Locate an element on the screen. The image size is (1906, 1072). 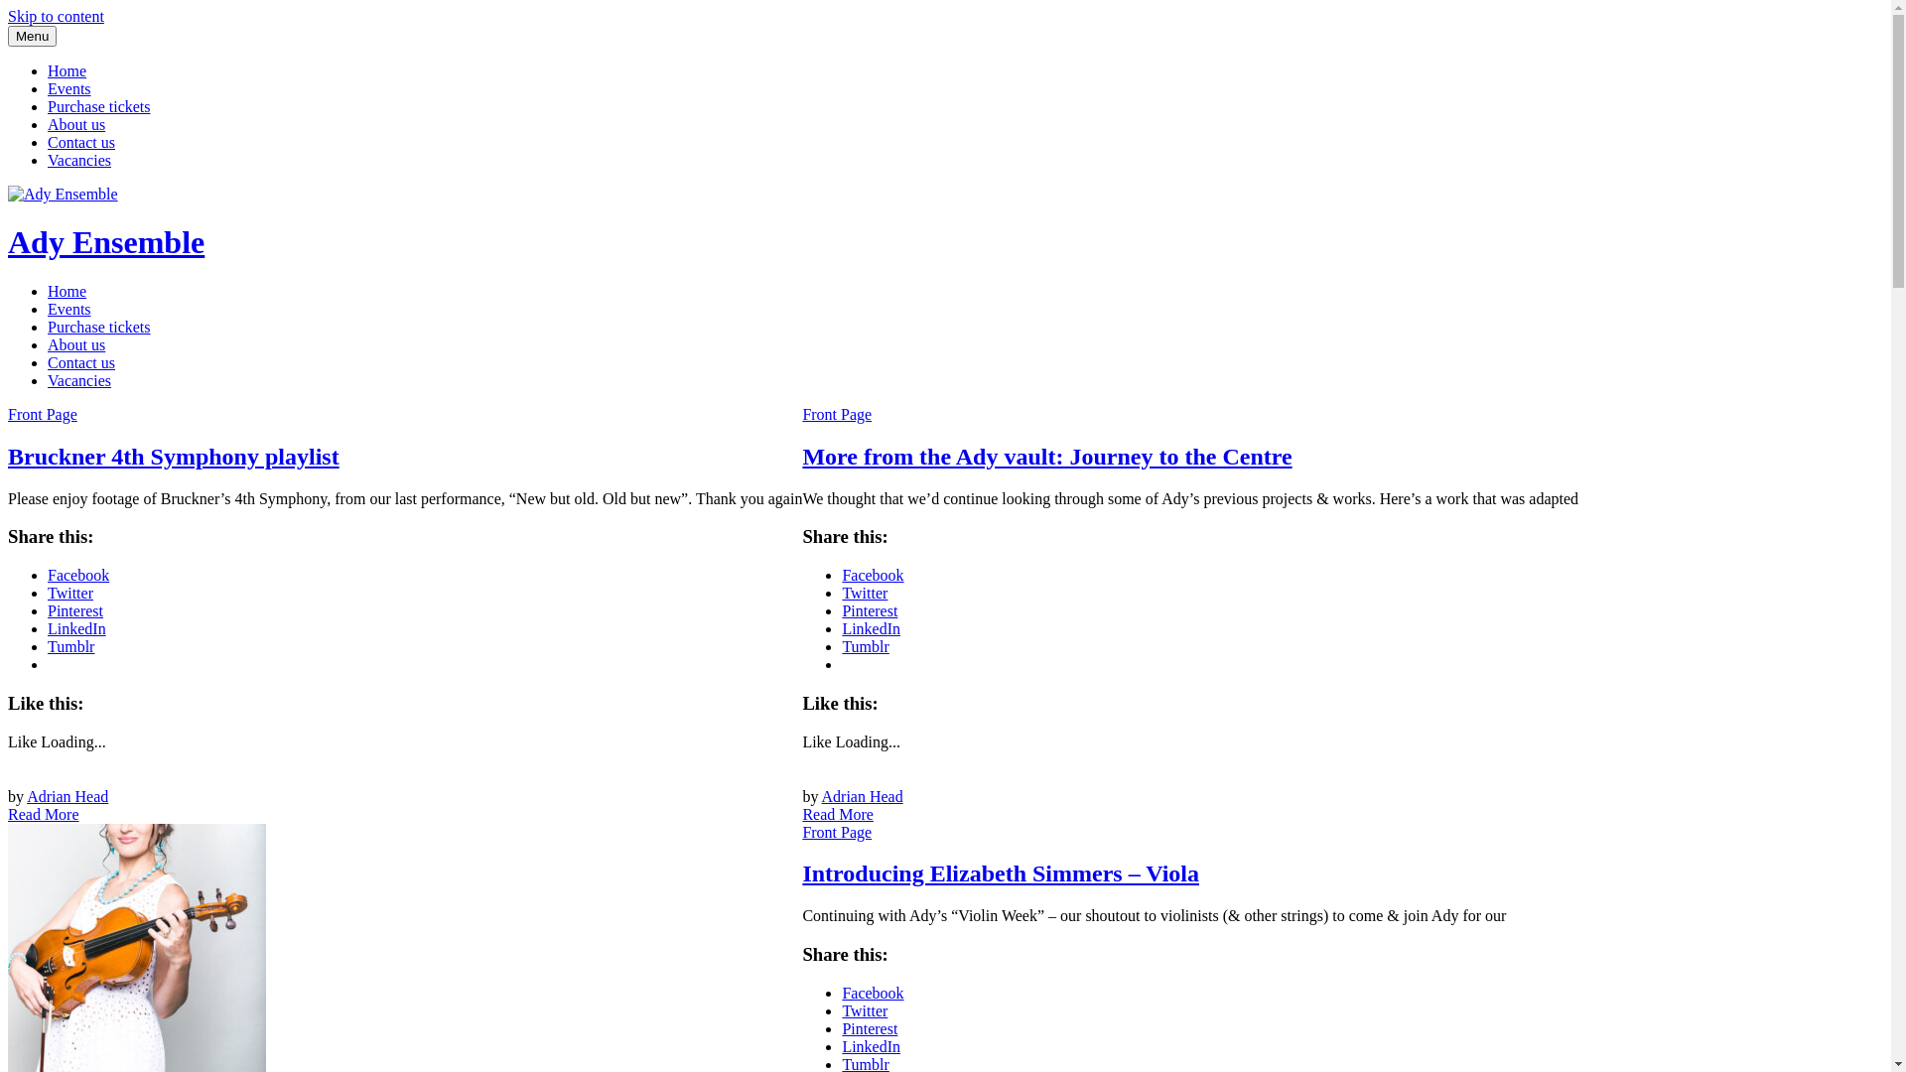
'About us' is located at coordinates (75, 343).